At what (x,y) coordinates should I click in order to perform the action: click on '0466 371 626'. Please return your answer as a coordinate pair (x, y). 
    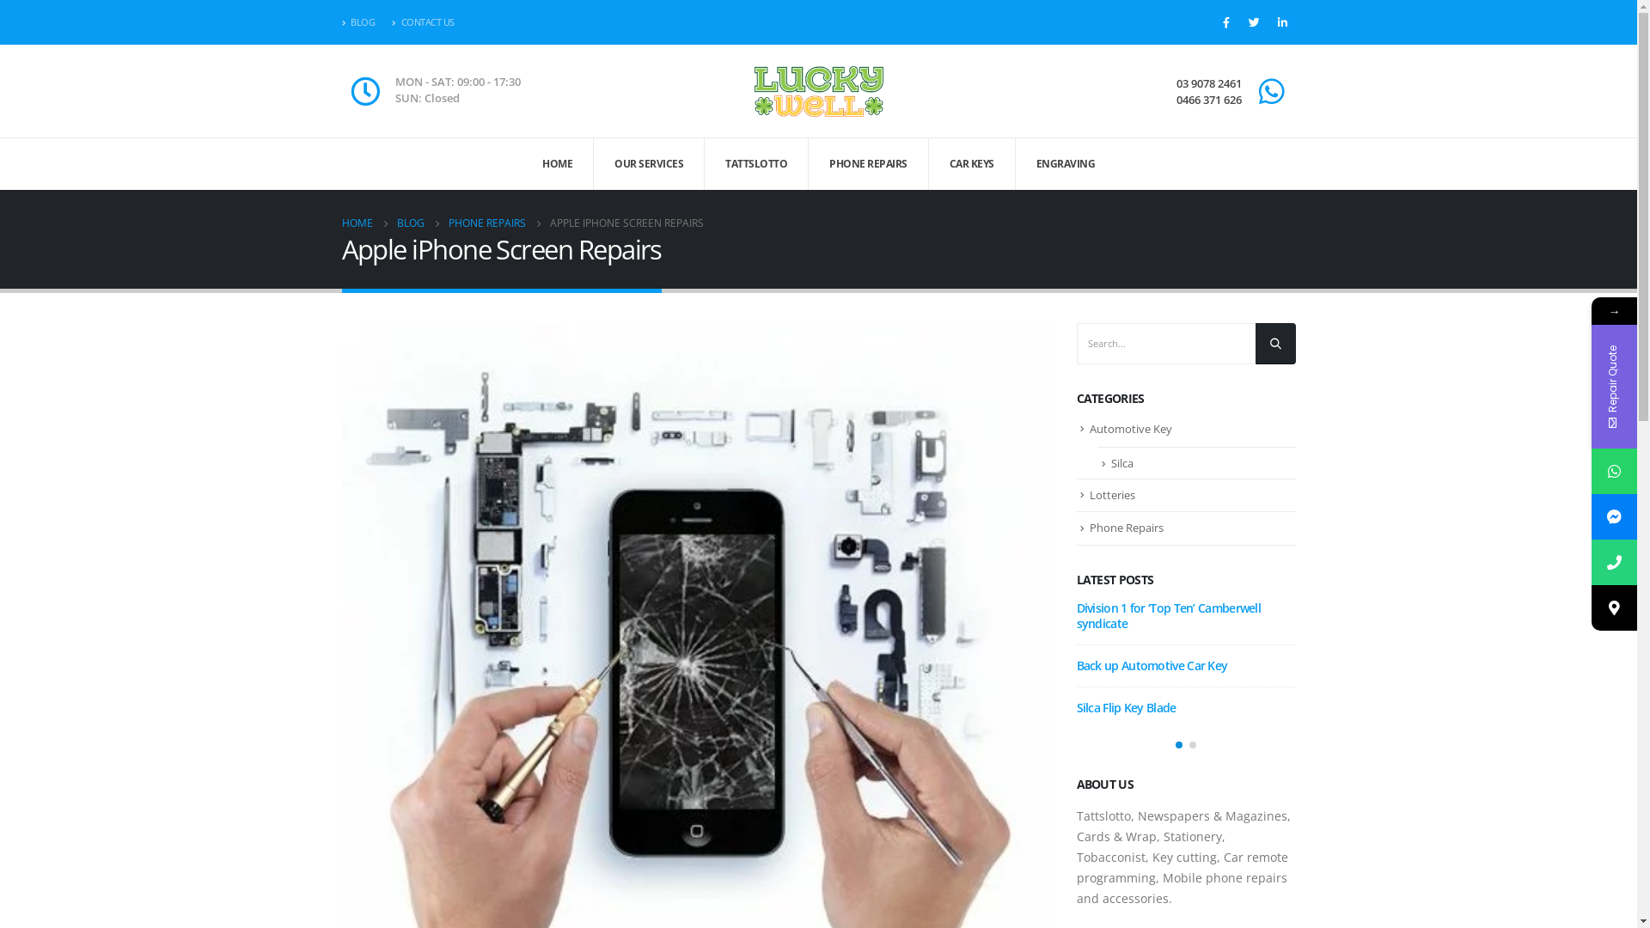
    Looking at the image, I should click on (1207, 100).